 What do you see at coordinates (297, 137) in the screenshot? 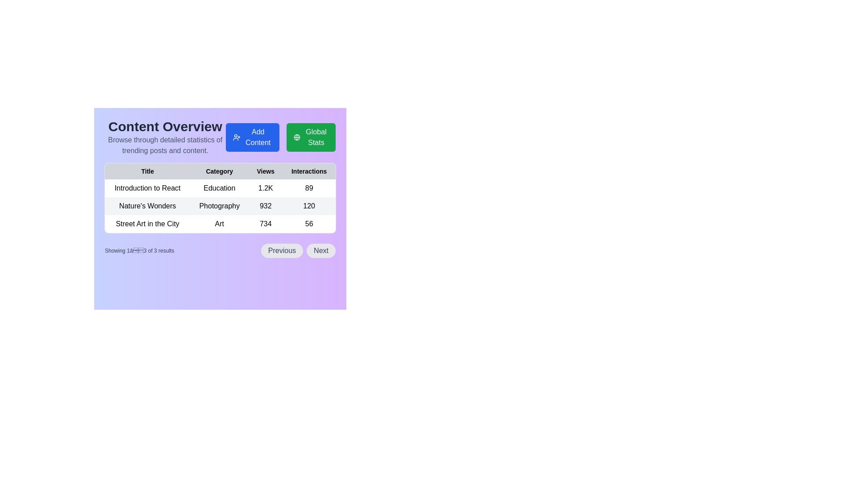
I see `the SVG circle element located at the center of the globe icon, which is part of the 'Global Stats' button and positioned to the right of the 'Add Content' button` at bounding box center [297, 137].